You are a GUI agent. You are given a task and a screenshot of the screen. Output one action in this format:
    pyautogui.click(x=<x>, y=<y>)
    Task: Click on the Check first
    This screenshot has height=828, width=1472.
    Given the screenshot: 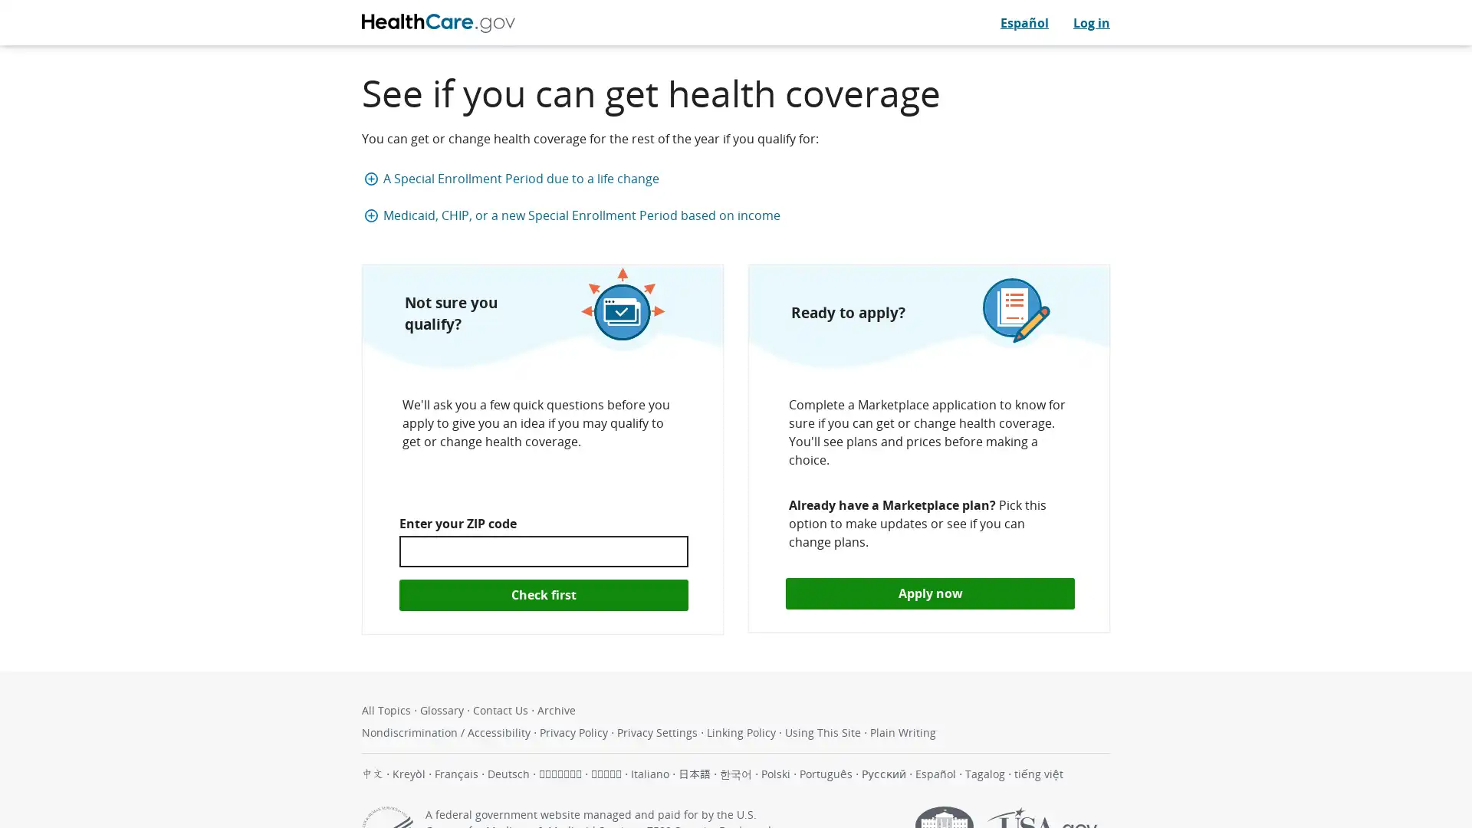 What is the action you would take?
    pyautogui.click(x=544, y=593)
    